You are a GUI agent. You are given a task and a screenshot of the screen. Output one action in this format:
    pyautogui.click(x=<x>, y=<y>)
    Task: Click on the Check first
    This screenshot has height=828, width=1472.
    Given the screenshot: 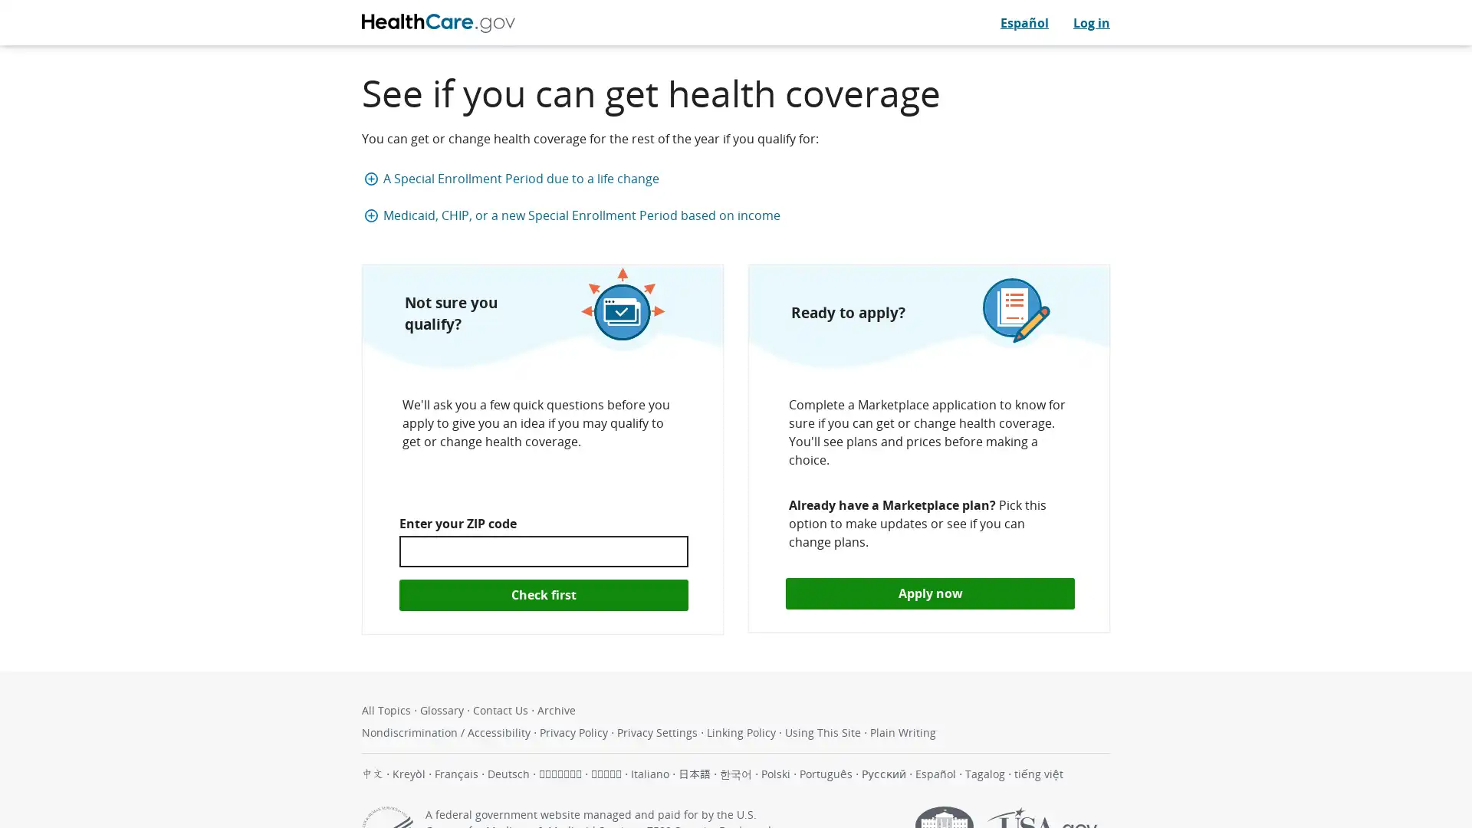 What is the action you would take?
    pyautogui.click(x=544, y=593)
    